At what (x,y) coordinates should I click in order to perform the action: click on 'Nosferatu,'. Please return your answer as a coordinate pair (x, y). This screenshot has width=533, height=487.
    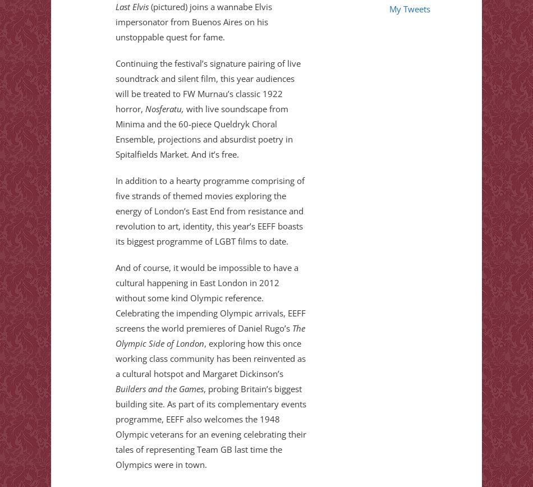
    Looking at the image, I should click on (144, 108).